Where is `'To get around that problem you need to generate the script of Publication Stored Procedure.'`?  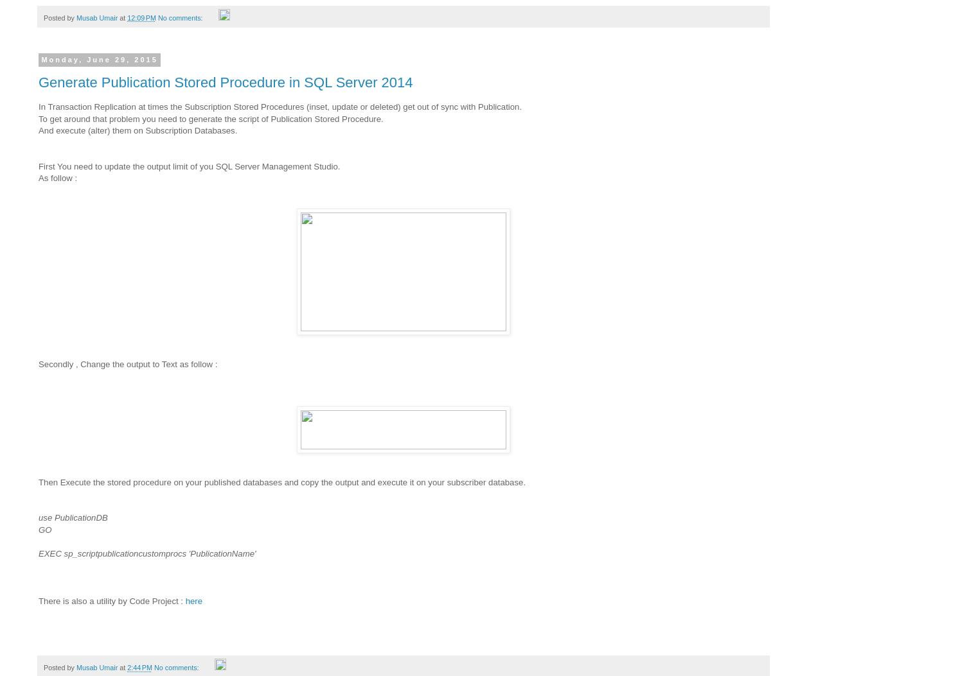 'To get around that problem you need to generate the script of Publication Stored Procedure.' is located at coordinates (211, 117).